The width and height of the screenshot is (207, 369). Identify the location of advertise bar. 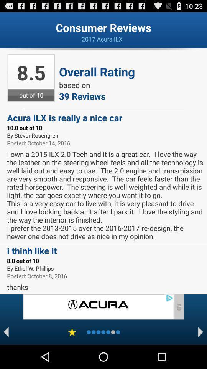
(98, 307).